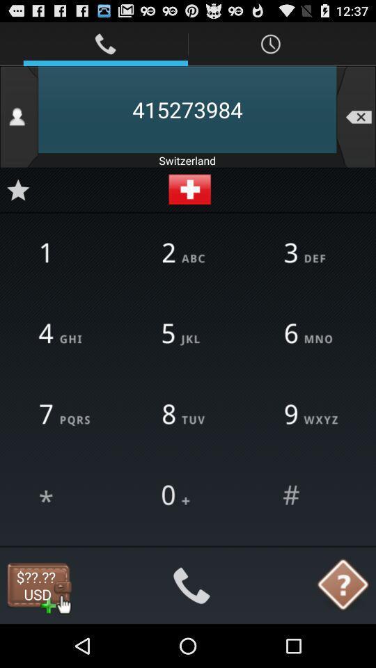  Describe the element at coordinates (17, 189) in the screenshot. I see `the number` at that location.